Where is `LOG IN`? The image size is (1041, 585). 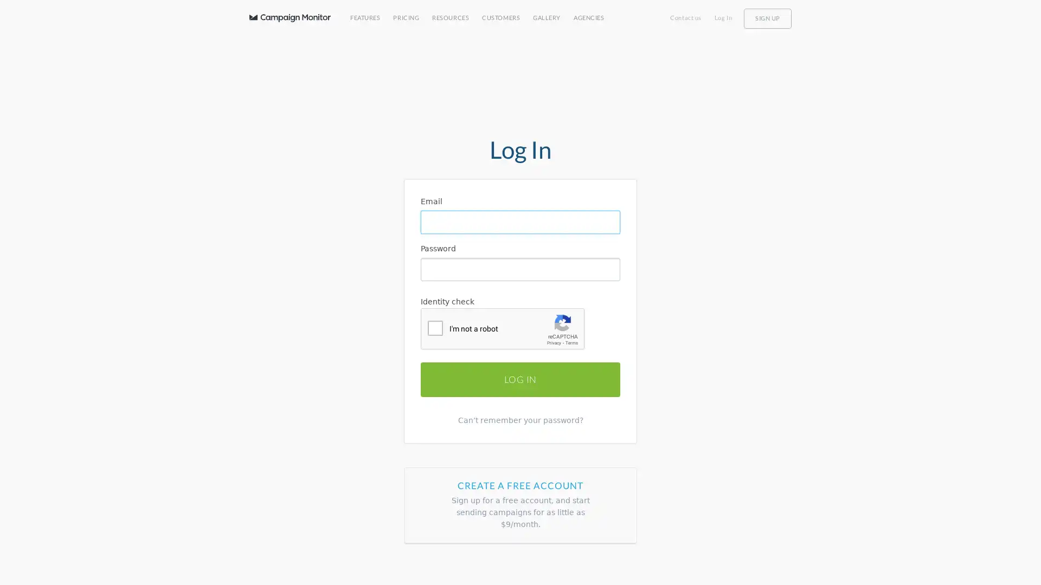
LOG IN is located at coordinates (520, 378).